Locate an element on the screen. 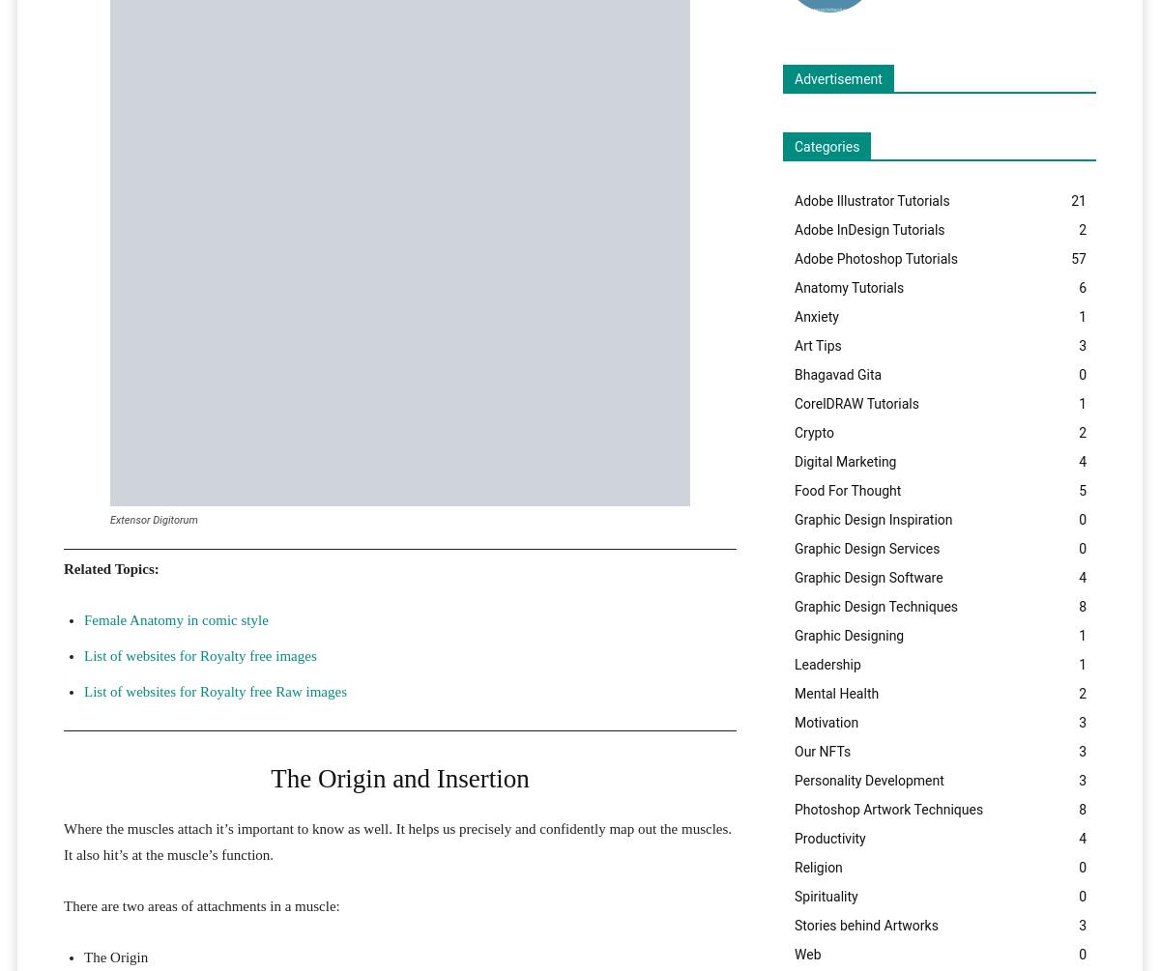 The width and height of the screenshot is (1160, 971). 'List of websites for Royalty free Raw images' is located at coordinates (214, 691).